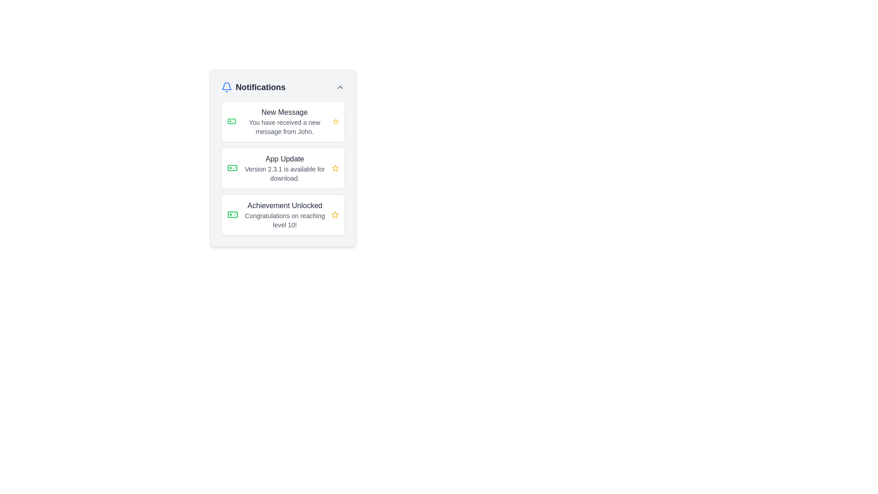 Image resolution: width=878 pixels, height=494 pixels. What do you see at coordinates (284, 112) in the screenshot?
I see `the primary title Text Label located at the top of the notification card, which summarizes the notification type` at bounding box center [284, 112].